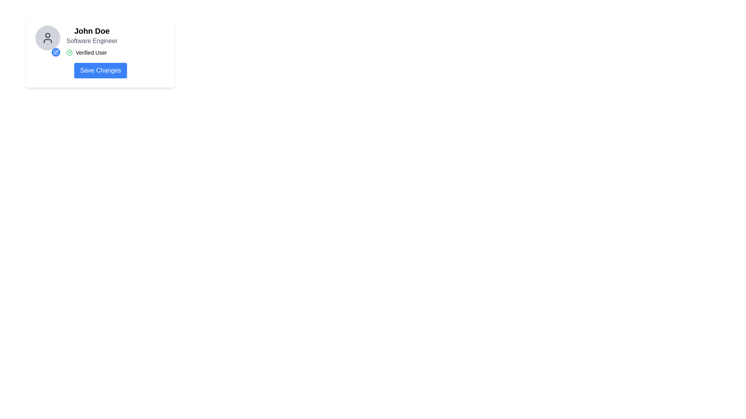 Image resolution: width=746 pixels, height=419 pixels. What do you see at coordinates (69, 52) in the screenshot?
I see `the circular green checkmark icon indicating verification, located to the left of the 'Verified User' text` at bounding box center [69, 52].